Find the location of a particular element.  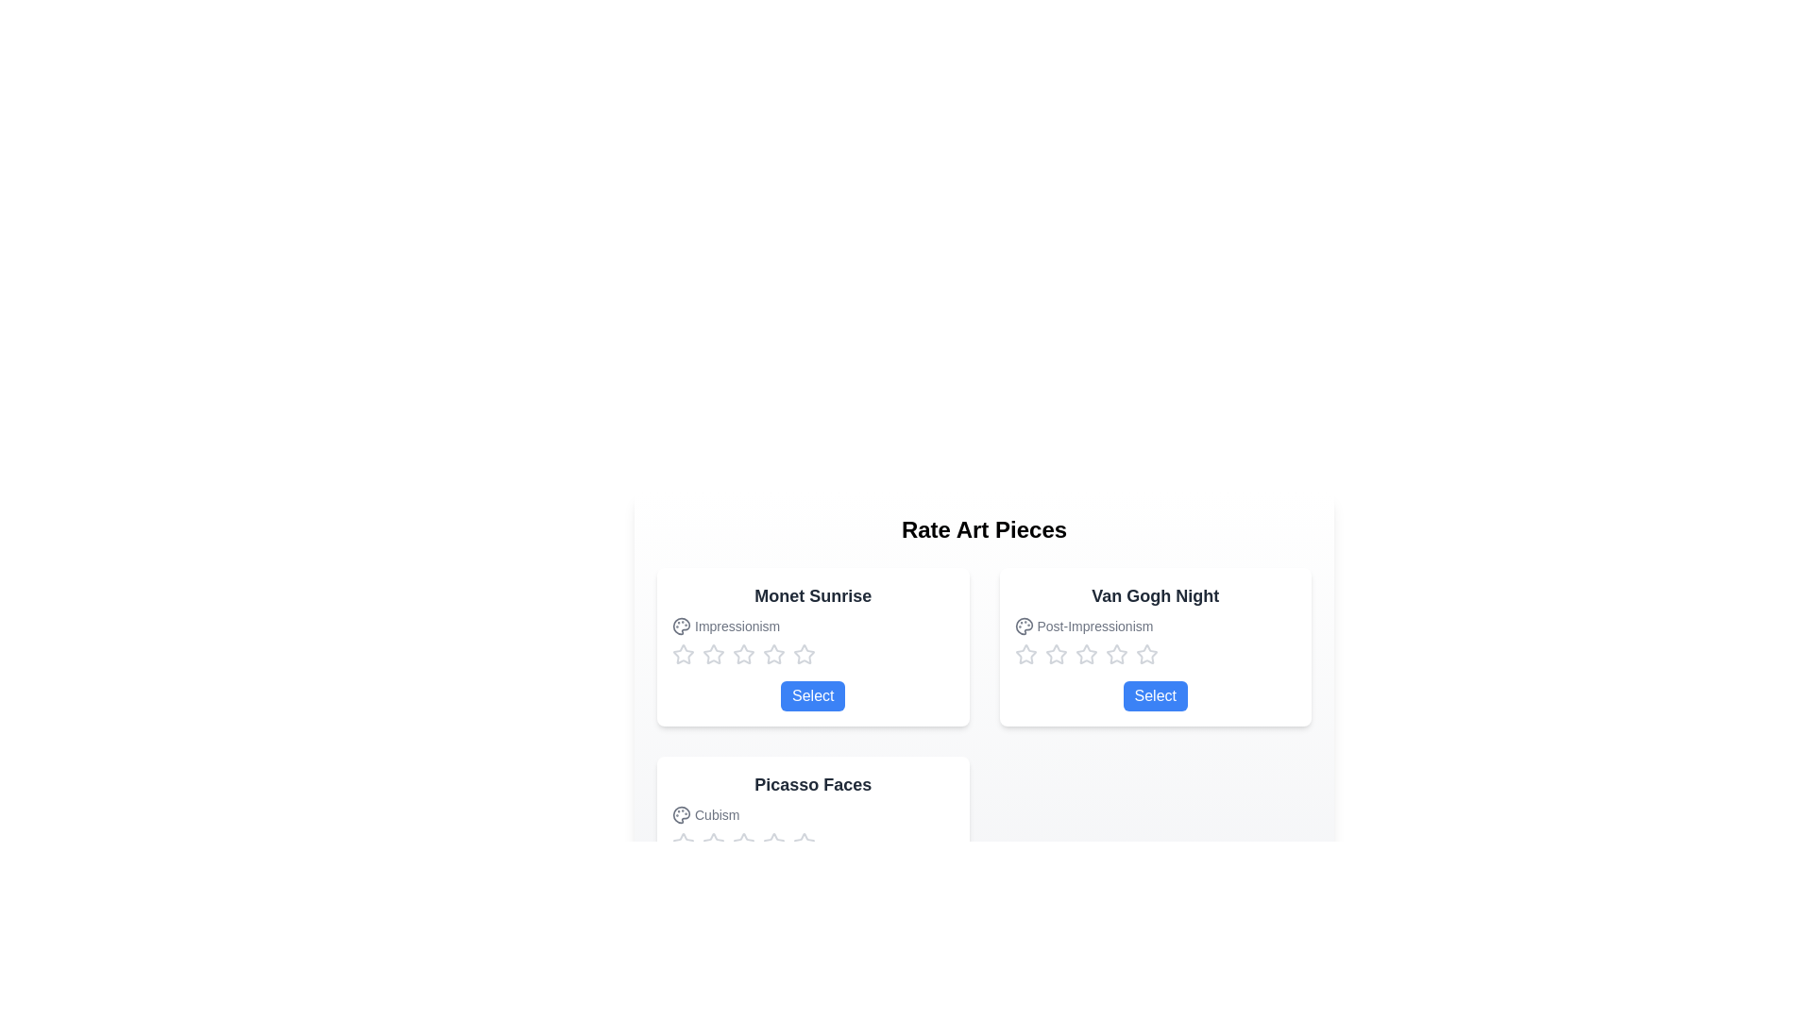

the fourth star icon in the rating system for 'Van Gogh Night' to give a rating is located at coordinates (1116, 654).